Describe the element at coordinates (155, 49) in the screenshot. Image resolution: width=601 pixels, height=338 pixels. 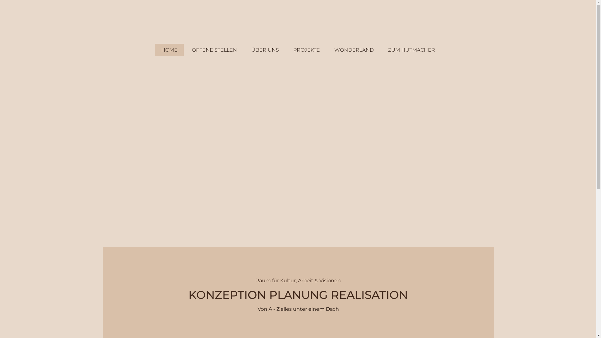
I see `'HOME'` at that location.